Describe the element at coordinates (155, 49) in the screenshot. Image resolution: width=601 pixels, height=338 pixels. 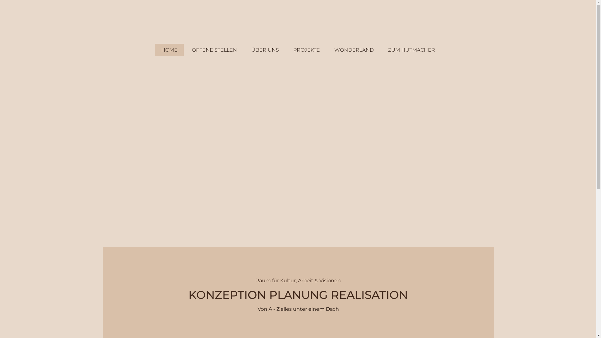
I see `'HOME'` at that location.